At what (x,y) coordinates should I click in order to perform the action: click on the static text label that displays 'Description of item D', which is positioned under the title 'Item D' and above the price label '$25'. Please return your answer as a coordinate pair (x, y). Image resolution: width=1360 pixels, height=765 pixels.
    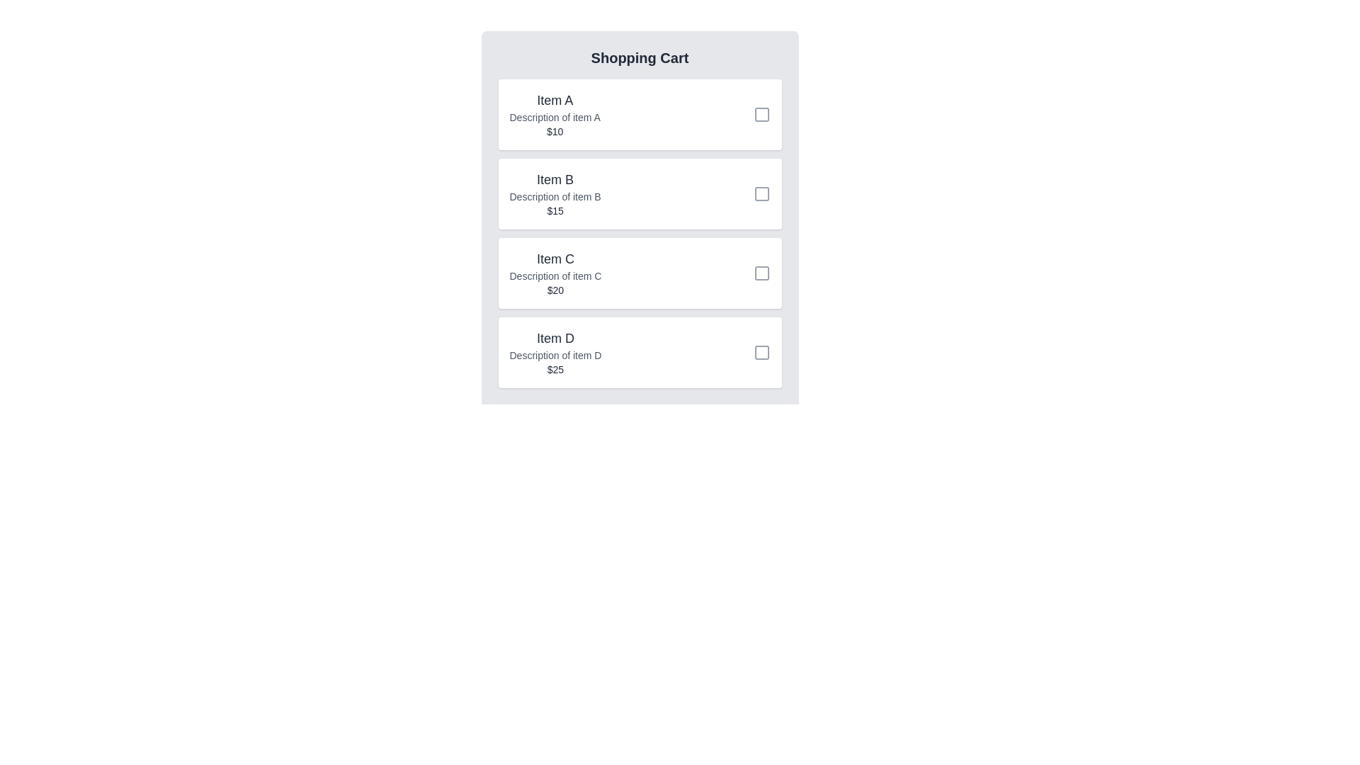
    Looking at the image, I should click on (555, 354).